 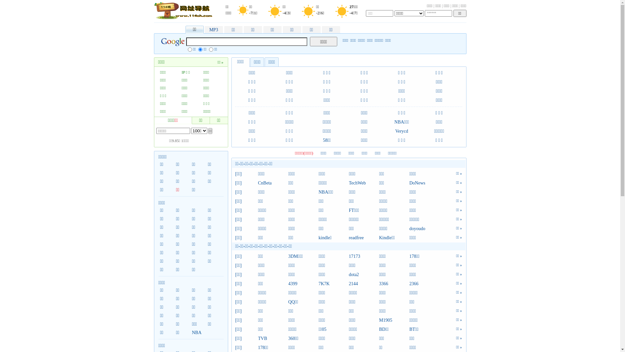 I want to click on 'readfree', so click(x=364, y=238).